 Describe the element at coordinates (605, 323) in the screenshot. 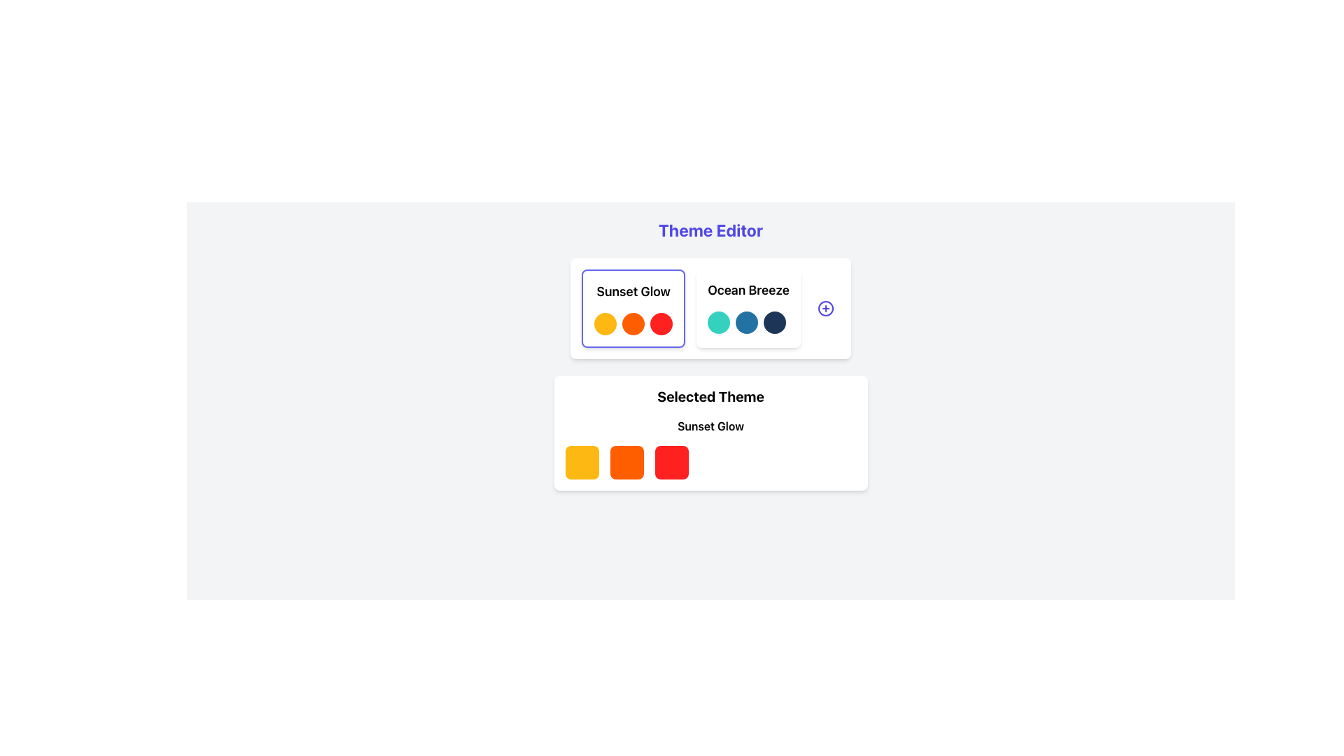

I see `the first circular yellow color indicator under the 'Sunset Glow' theme selector in the 'Theme Editor' section` at that location.